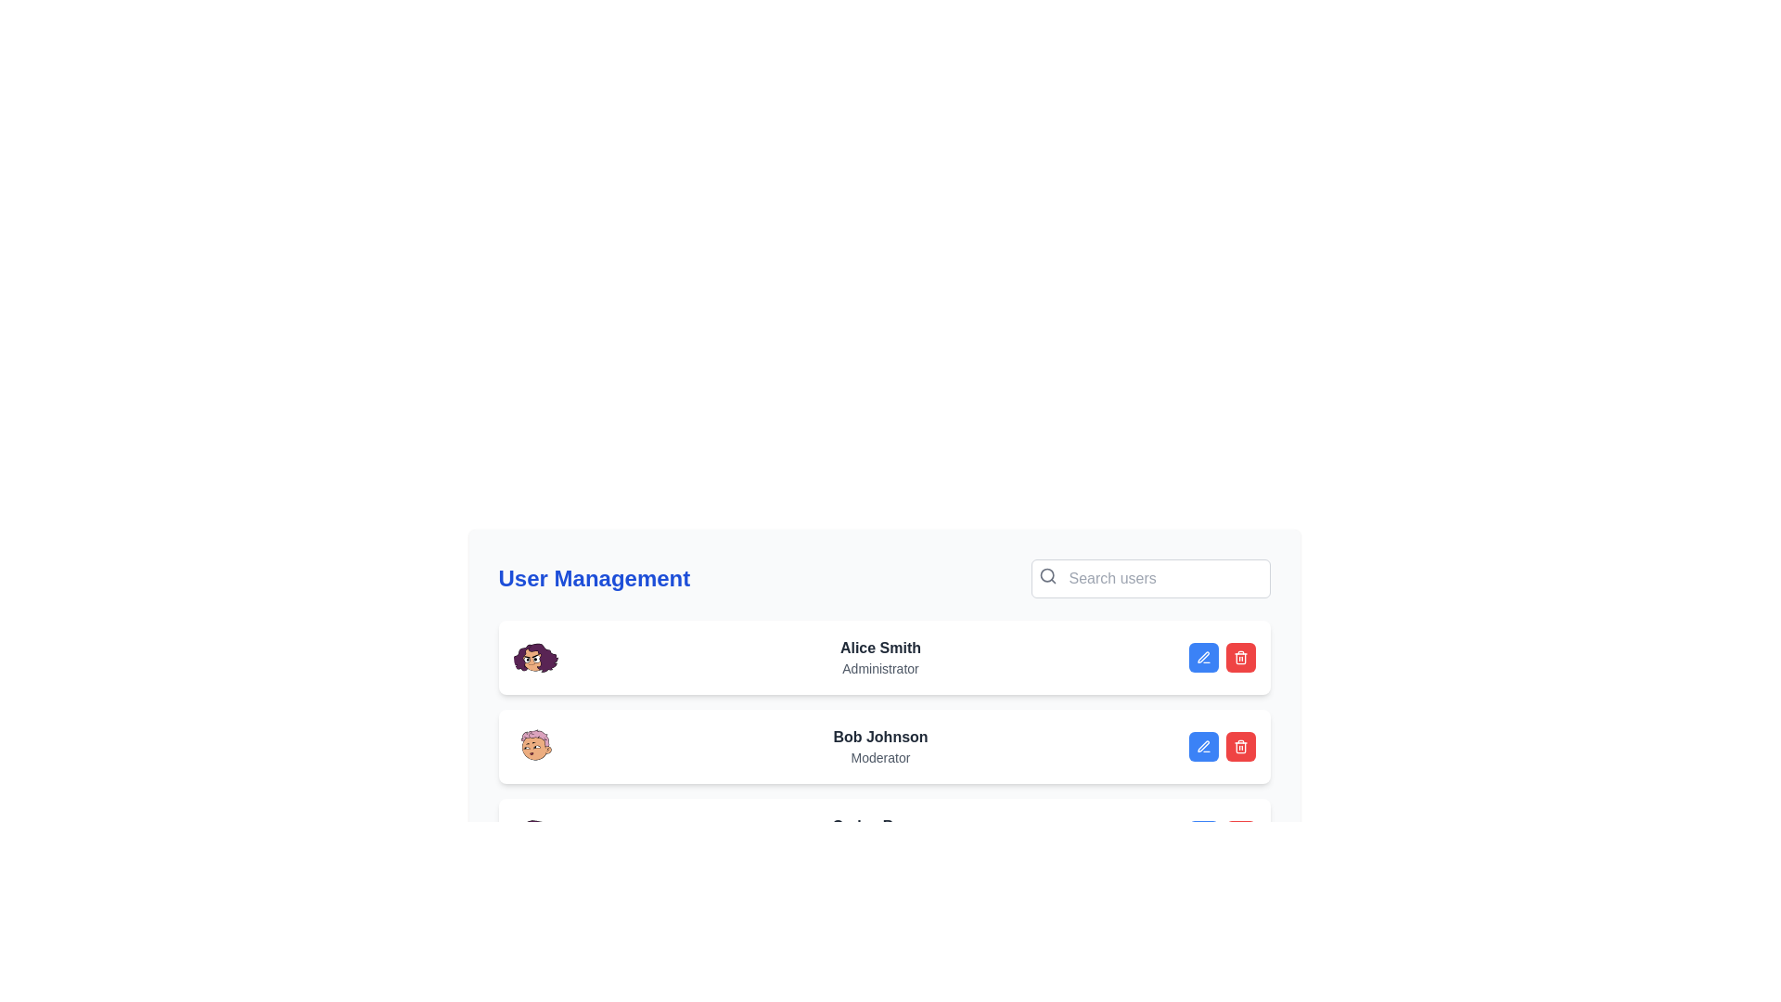 The width and height of the screenshot is (1781, 1002). What do you see at coordinates (879, 736) in the screenshot?
I see `the text label identifying the name of a user` at bounding box center [879, 736].